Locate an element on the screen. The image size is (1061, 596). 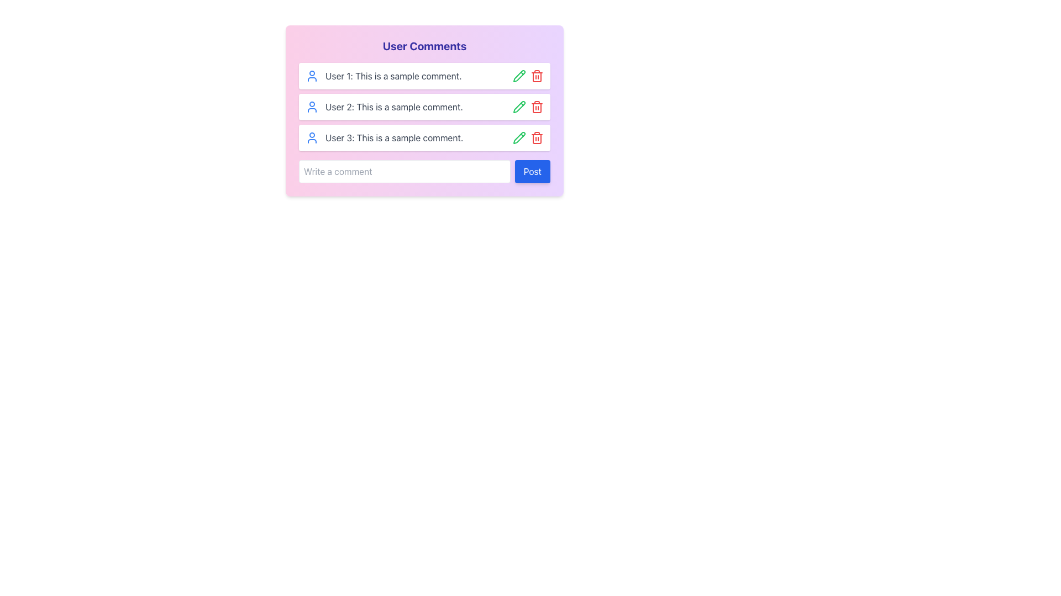
the red trash can icon button located in the second row of the 'User Comments' list is located at coordinates (537, 107).